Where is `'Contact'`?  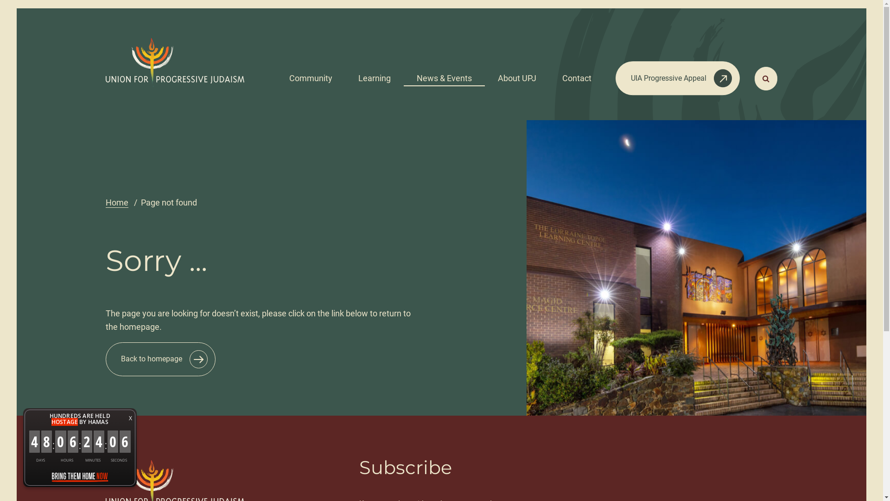
'Contact' is located at coordinates (576, 75).